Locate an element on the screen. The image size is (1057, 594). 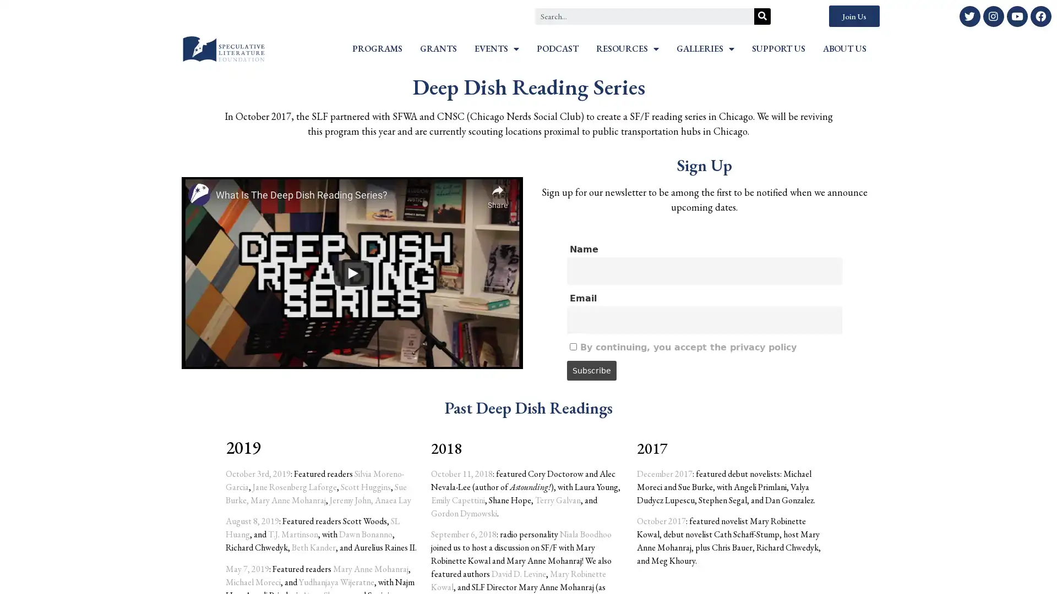
Join Us is located at coordinates (853, 16).